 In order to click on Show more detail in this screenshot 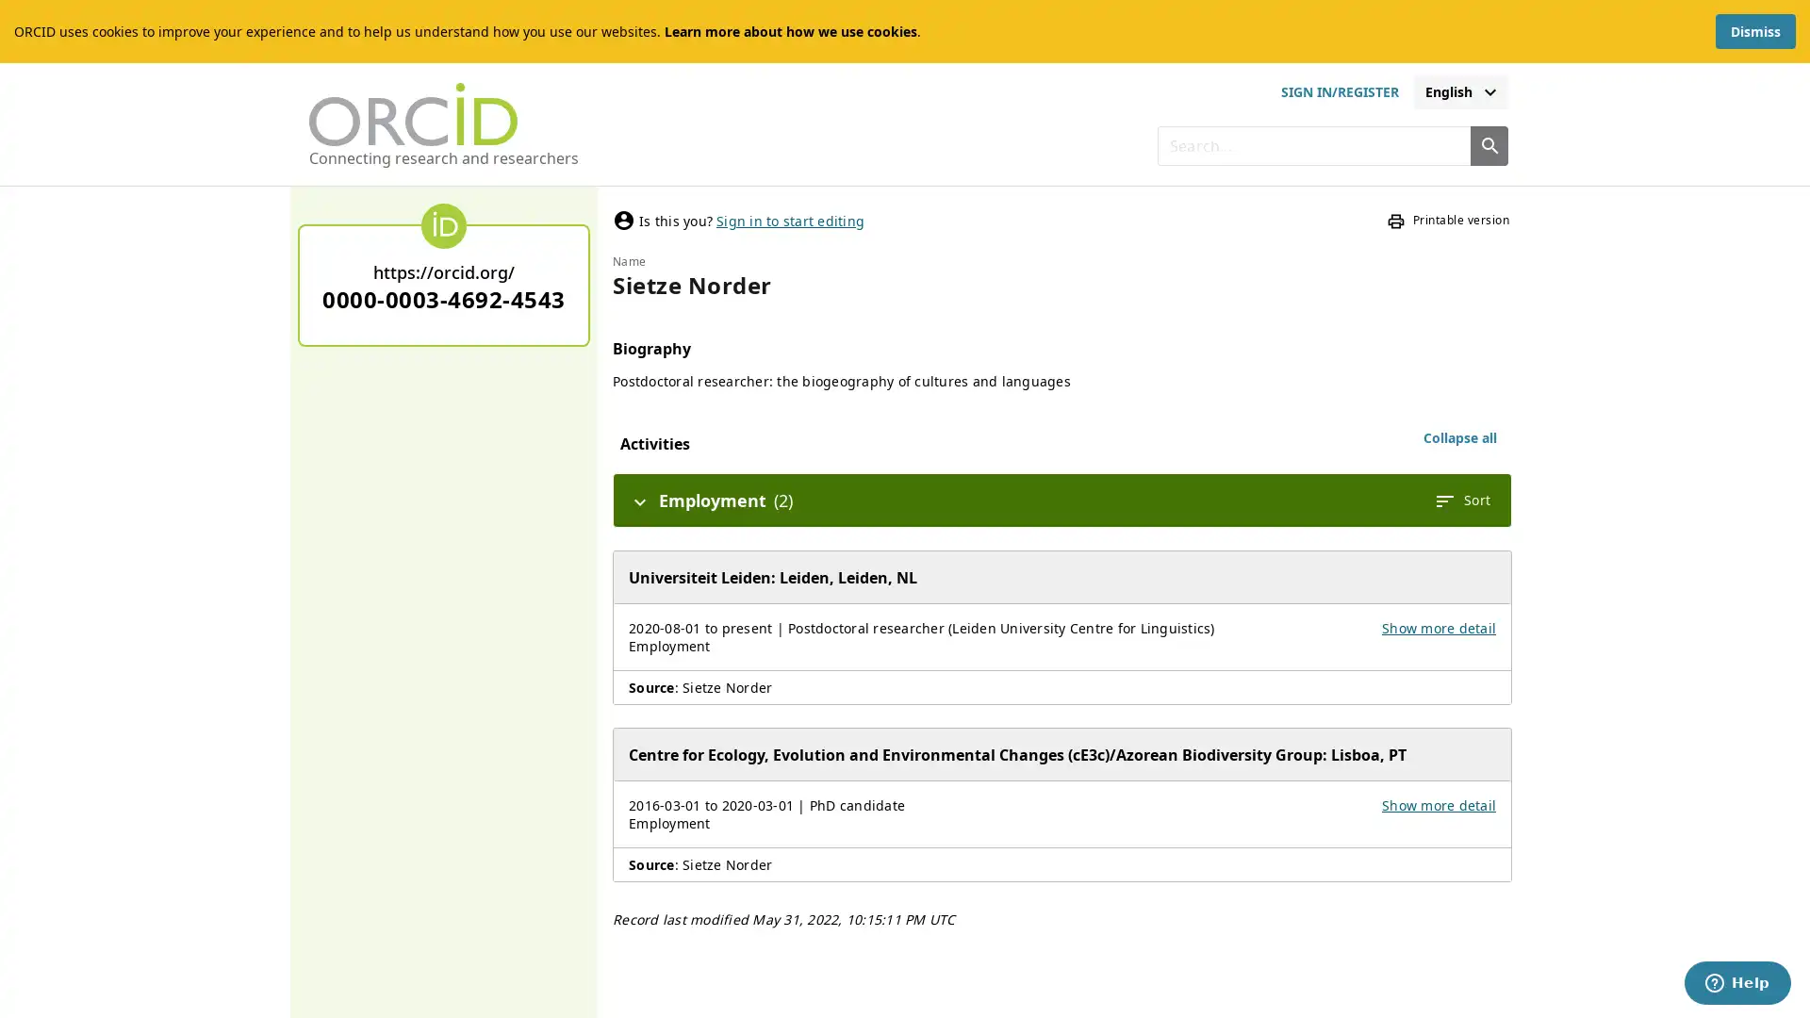, I will do `click(1438, 628)`.